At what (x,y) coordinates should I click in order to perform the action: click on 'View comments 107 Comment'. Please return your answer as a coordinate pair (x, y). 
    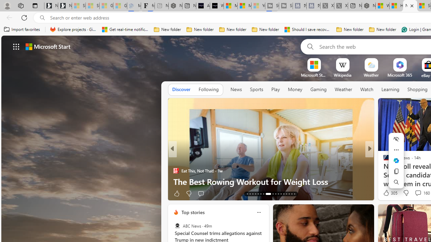
    Looking at the image, I should click on (416, 193).